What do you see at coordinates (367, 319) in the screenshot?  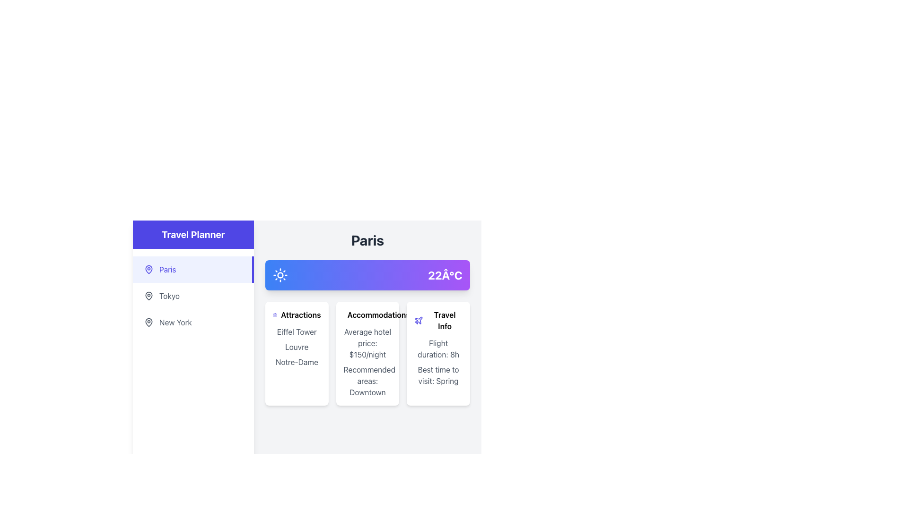 I see `the accommodations card that provides information about hotel prices and recommended areas to stay, which is the second card in a row of three` at bounding box center [367, 319].